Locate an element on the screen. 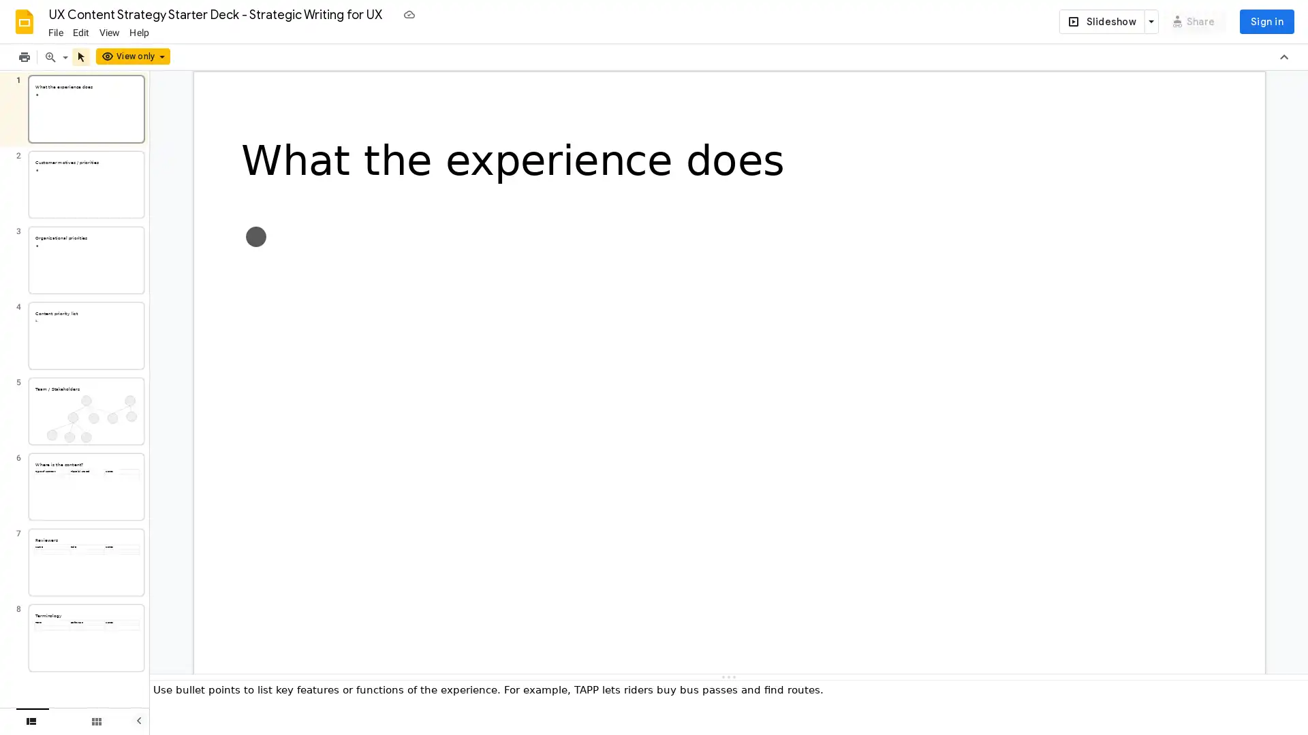  Print (P) is located at coordinates (24, 56).